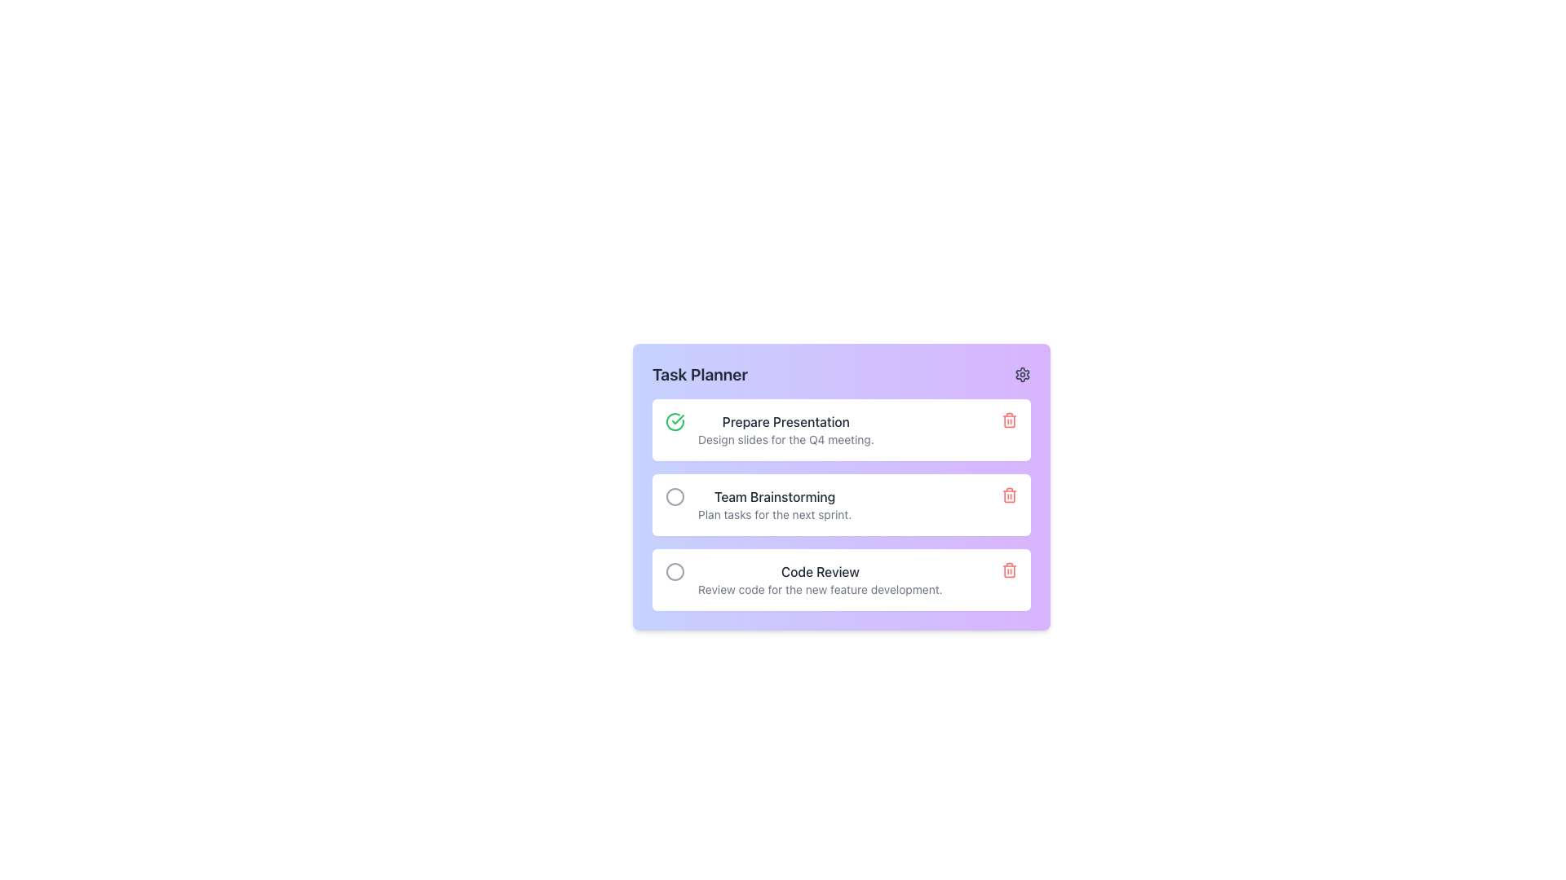 The height and width of the screenshot is (880, 1566). I want to click on the third circular icon in the 'Code Review' task entry, which serves as a visual indicator or status marker, so click(675, 571).